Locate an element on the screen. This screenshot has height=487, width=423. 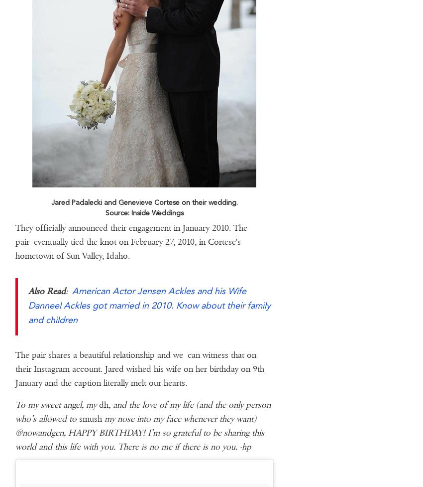
'smush' is located at coordinates (89, 418).